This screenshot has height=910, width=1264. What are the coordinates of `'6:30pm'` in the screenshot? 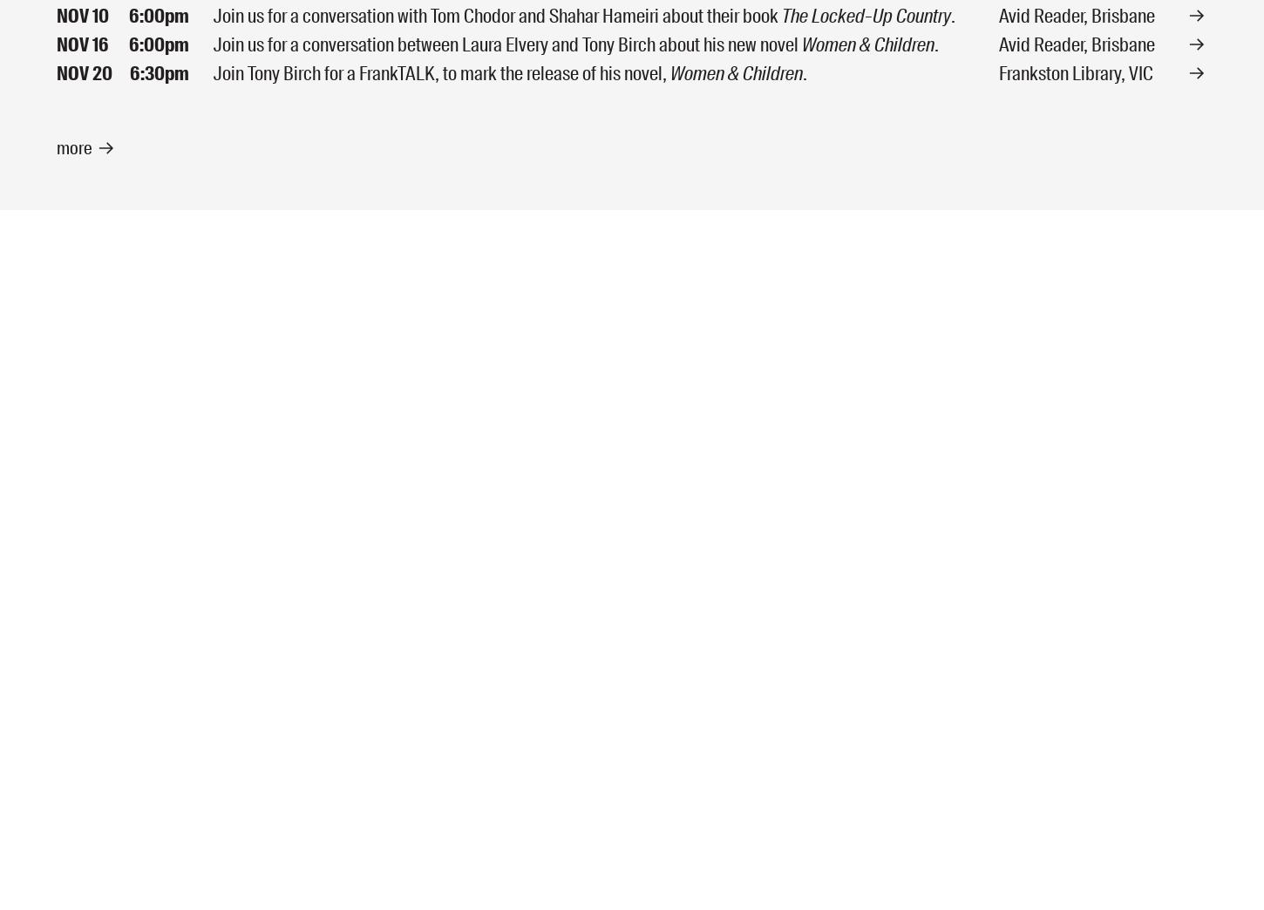 It's located at (158, 72).